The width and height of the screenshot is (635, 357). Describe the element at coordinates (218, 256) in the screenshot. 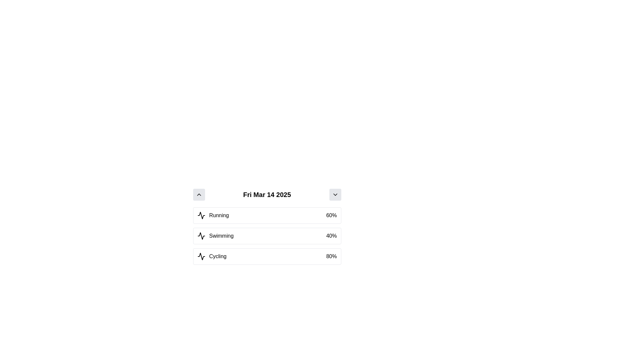

I see `text 'Cycling' from the Text Label element displayed in black font on a white background, located in the third row of the vertical list` at that location.